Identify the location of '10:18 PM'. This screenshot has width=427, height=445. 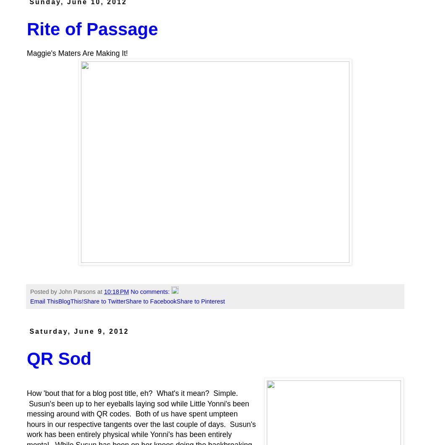
(116, 291).